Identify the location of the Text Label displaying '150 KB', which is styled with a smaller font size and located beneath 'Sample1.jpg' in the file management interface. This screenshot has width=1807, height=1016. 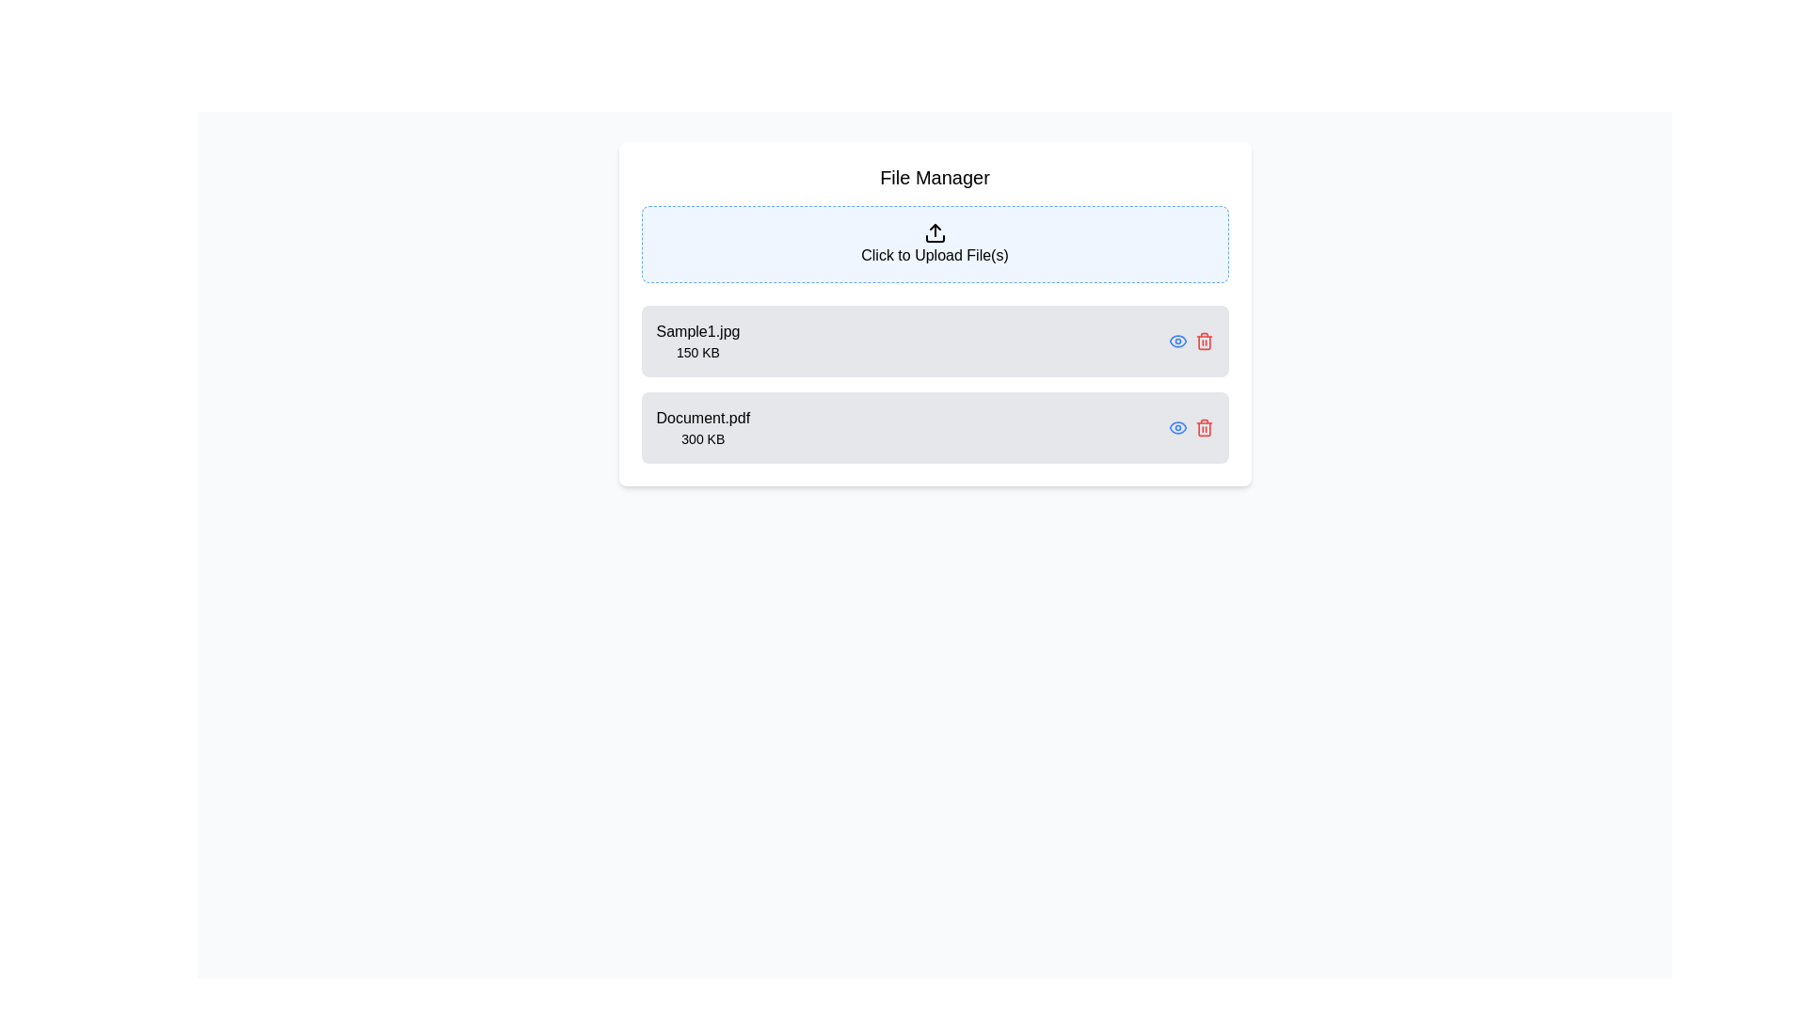
(696, 352).